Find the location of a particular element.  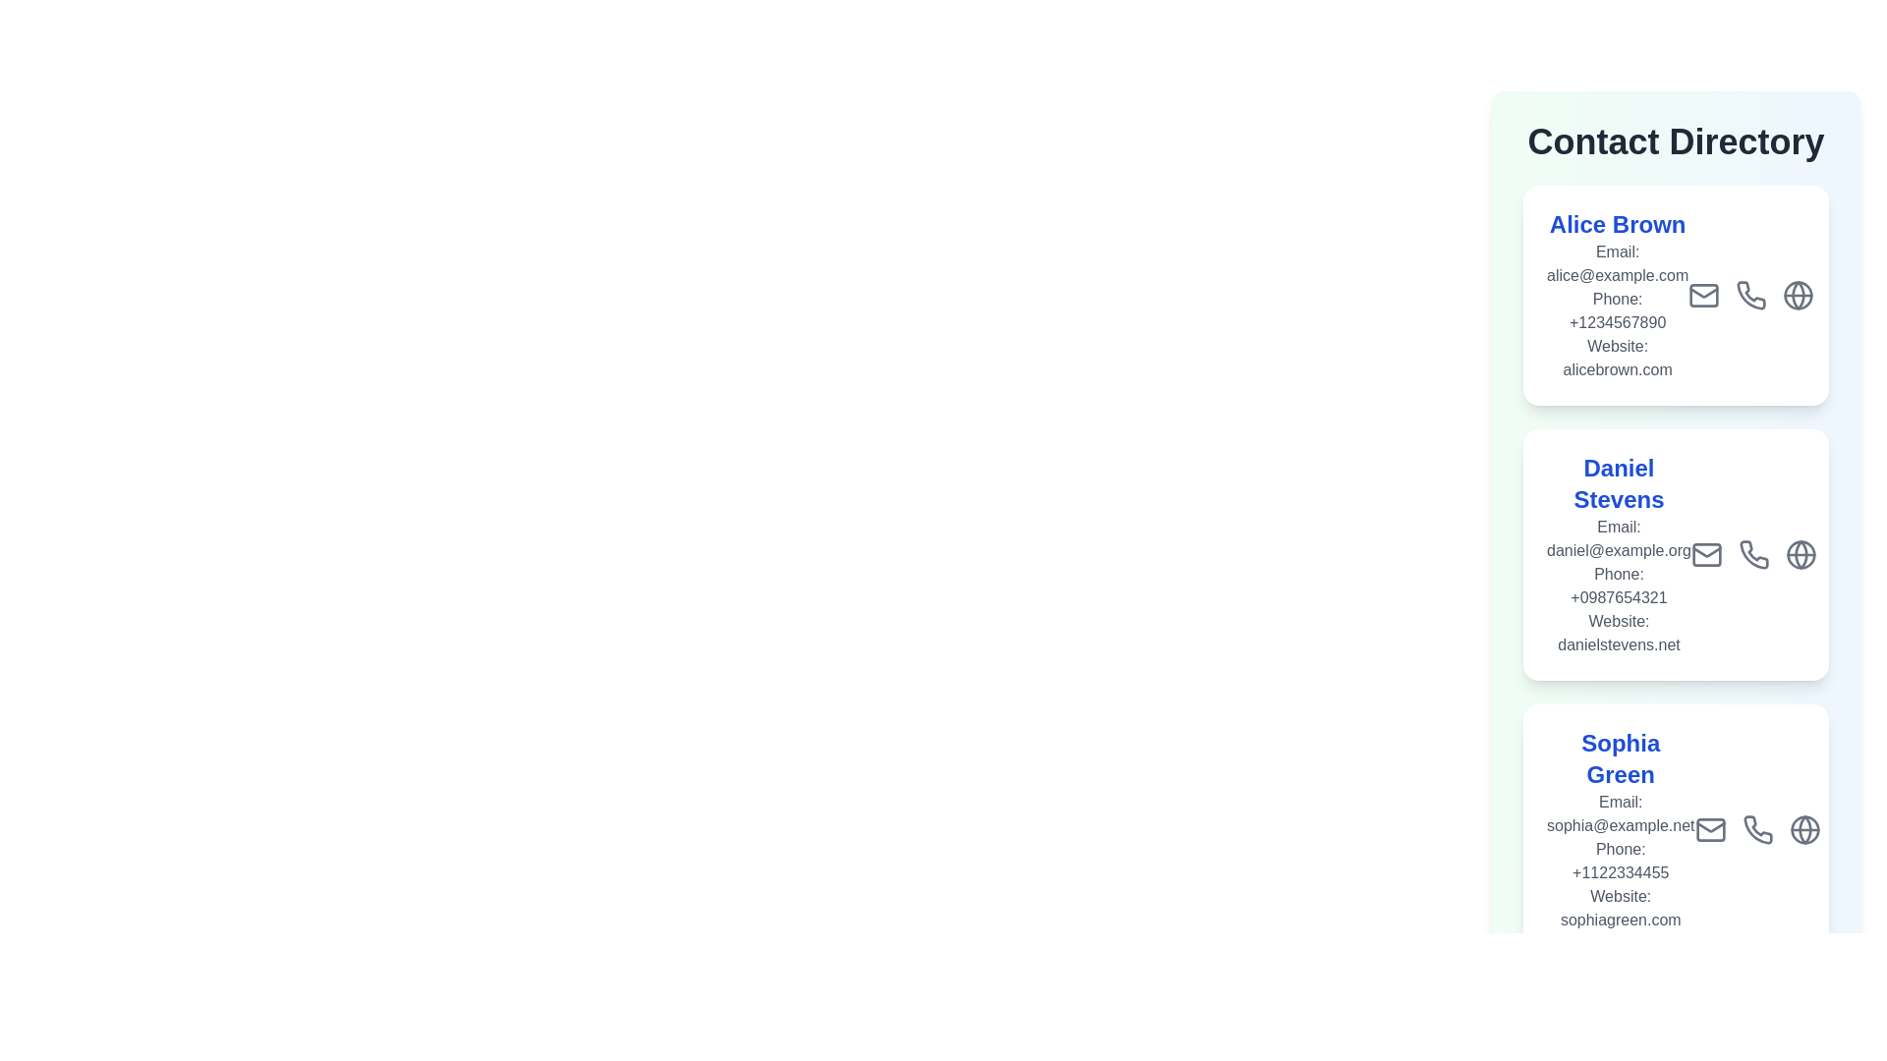

the contact card of Daniel Stevens is located at coordinates (1675, 554).